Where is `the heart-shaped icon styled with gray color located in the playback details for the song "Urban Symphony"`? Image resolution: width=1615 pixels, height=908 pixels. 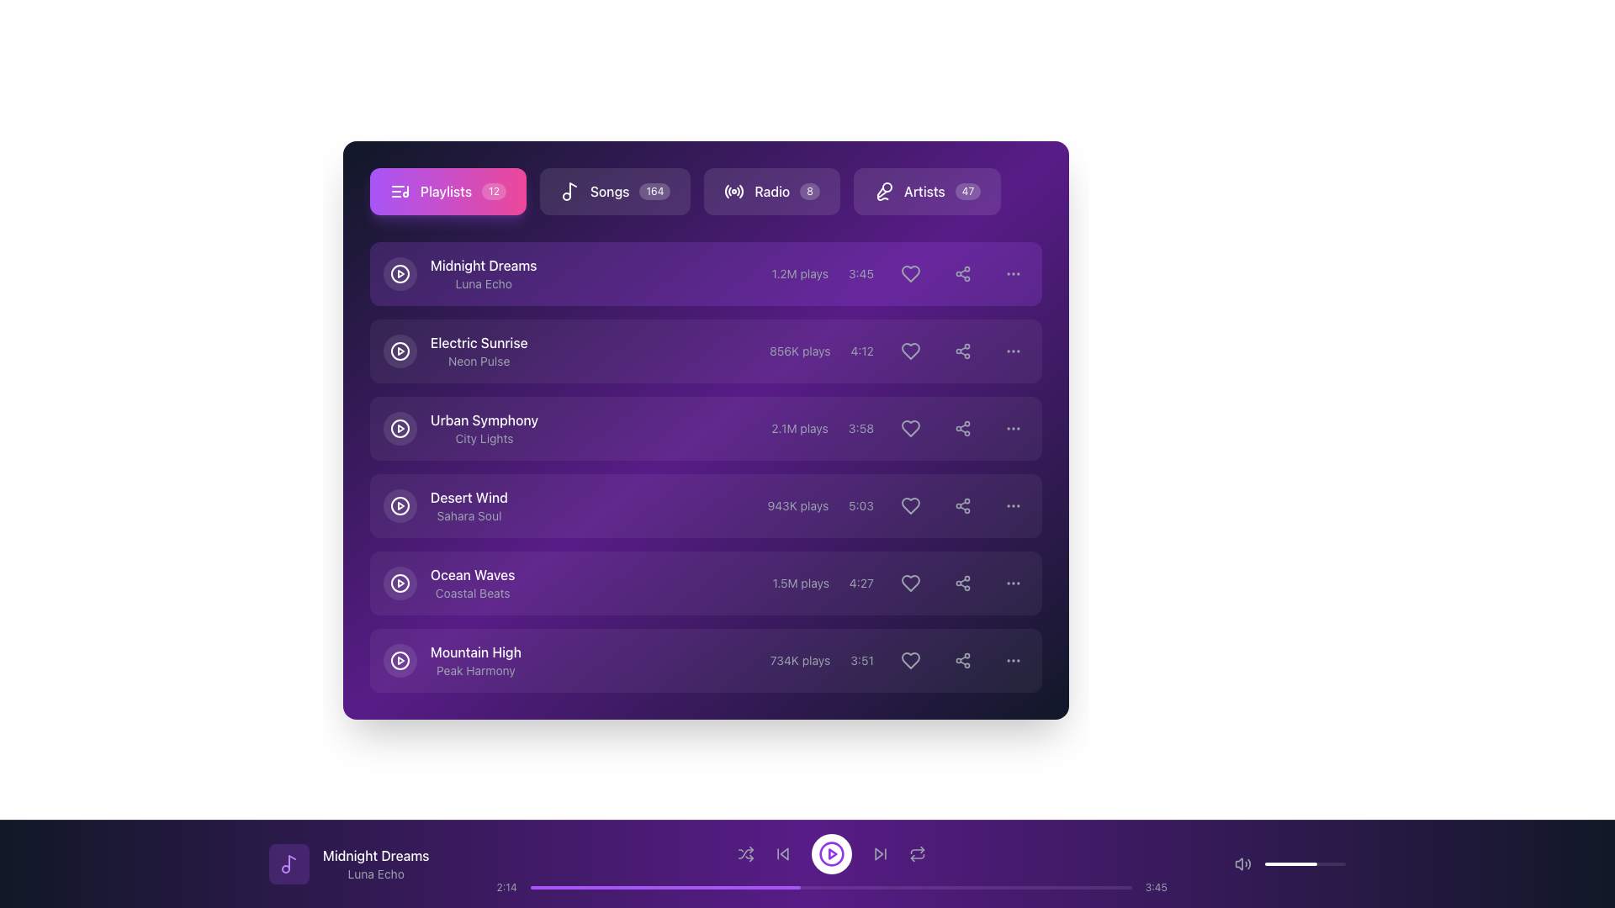 the heart-shaped icon styled with gray color located in the playback details for the song "Urban Symphony" is located at coordinates (899, 427).